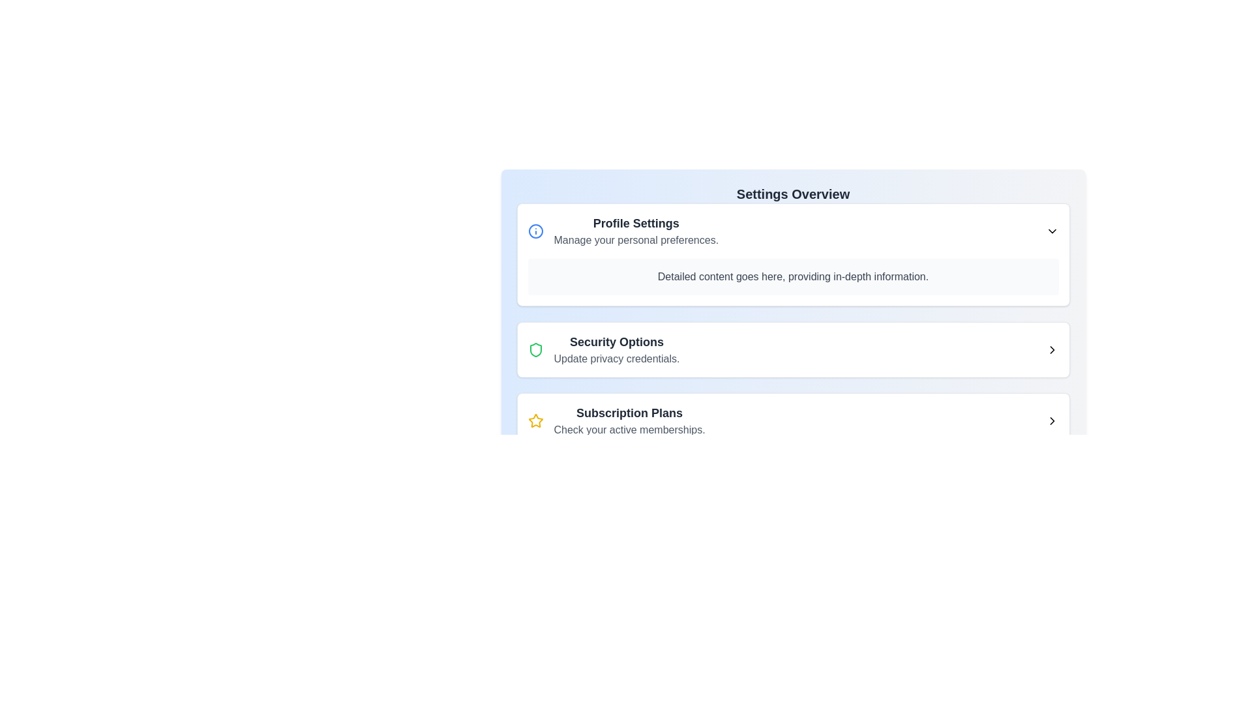  Describe the element at coordinates (636, 230) in the screenshot. I see `text from the 'Profile Settings' text block, which includes the bold title and the smaller gray description below it` at that location.